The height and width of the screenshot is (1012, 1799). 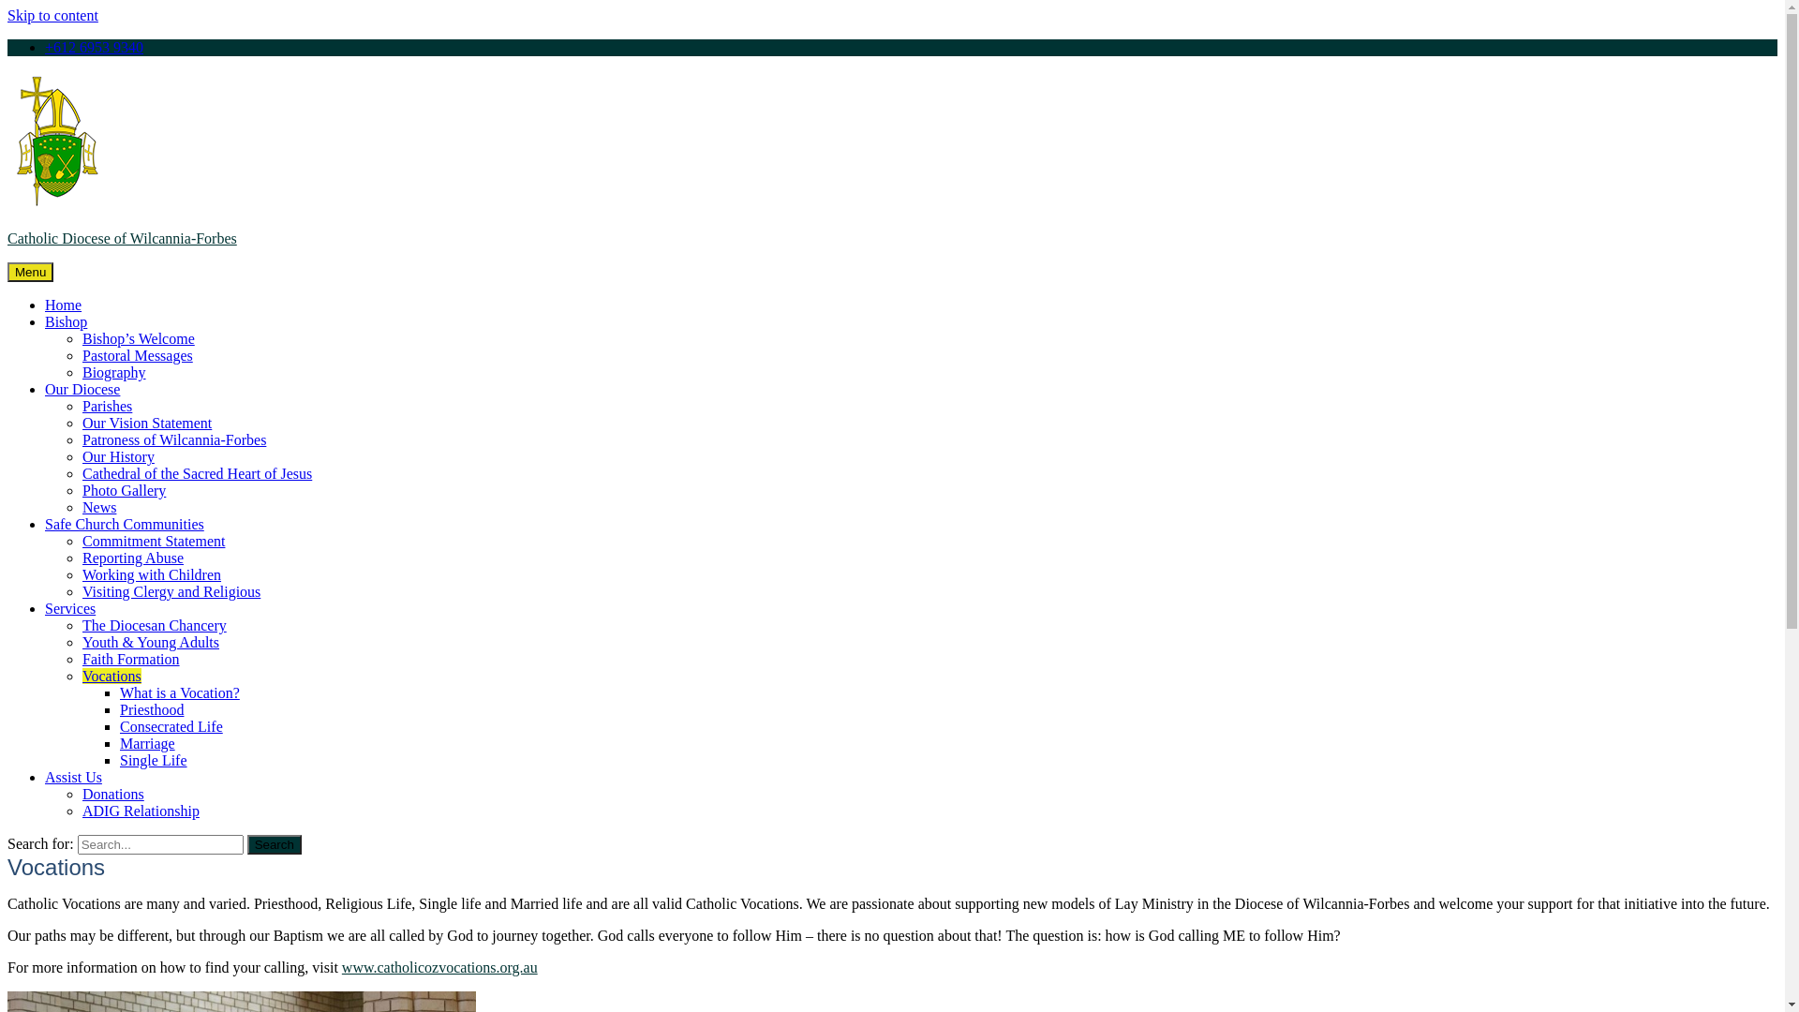 What do you see at coordinates (197, 472) in the screenshot?
I see `'Cathedral of the Sacred Heart of Jesus'` at bounding box center [197, 472].